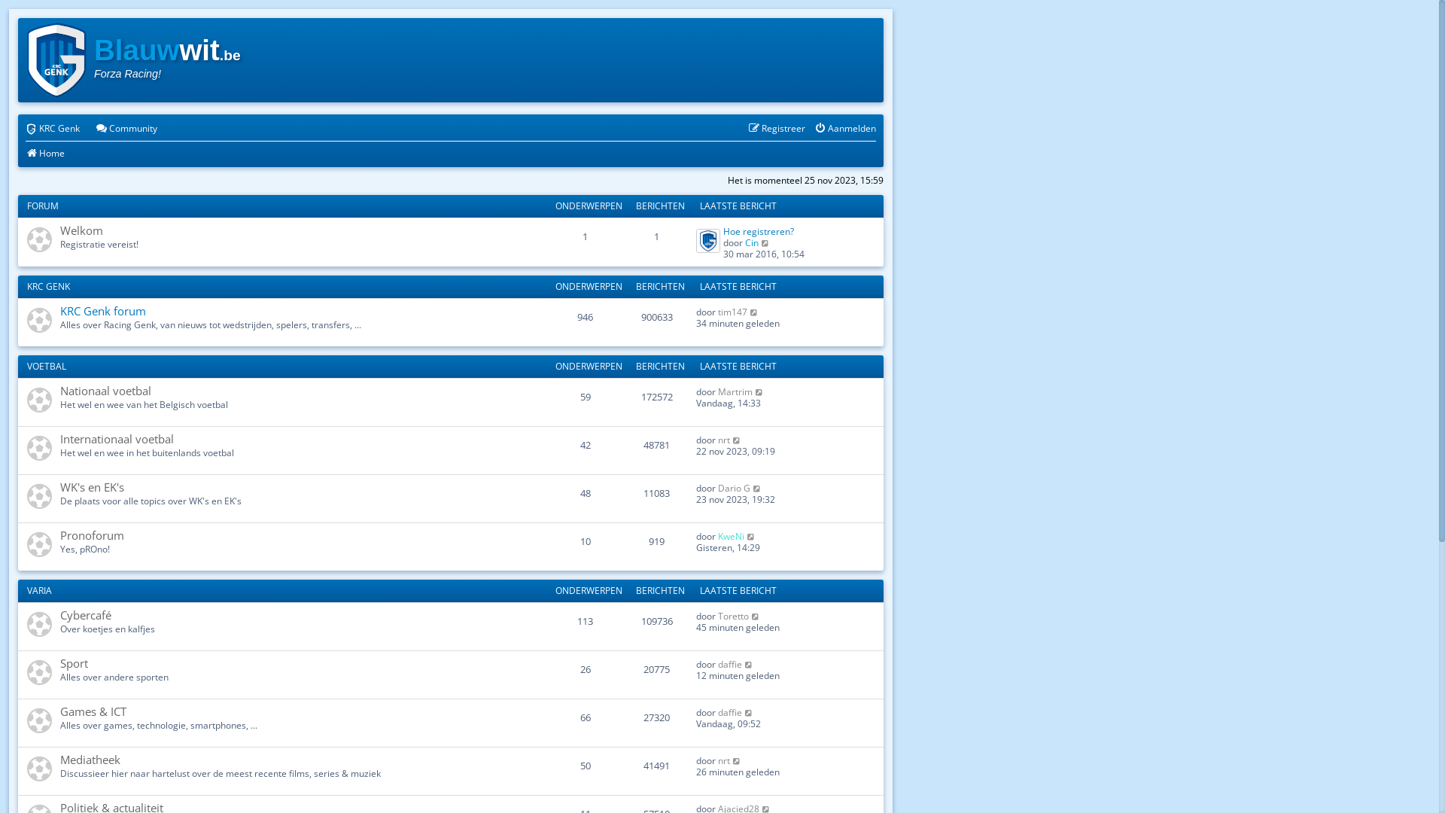  I want to click on 'Pronoforum', so click(91, 534).